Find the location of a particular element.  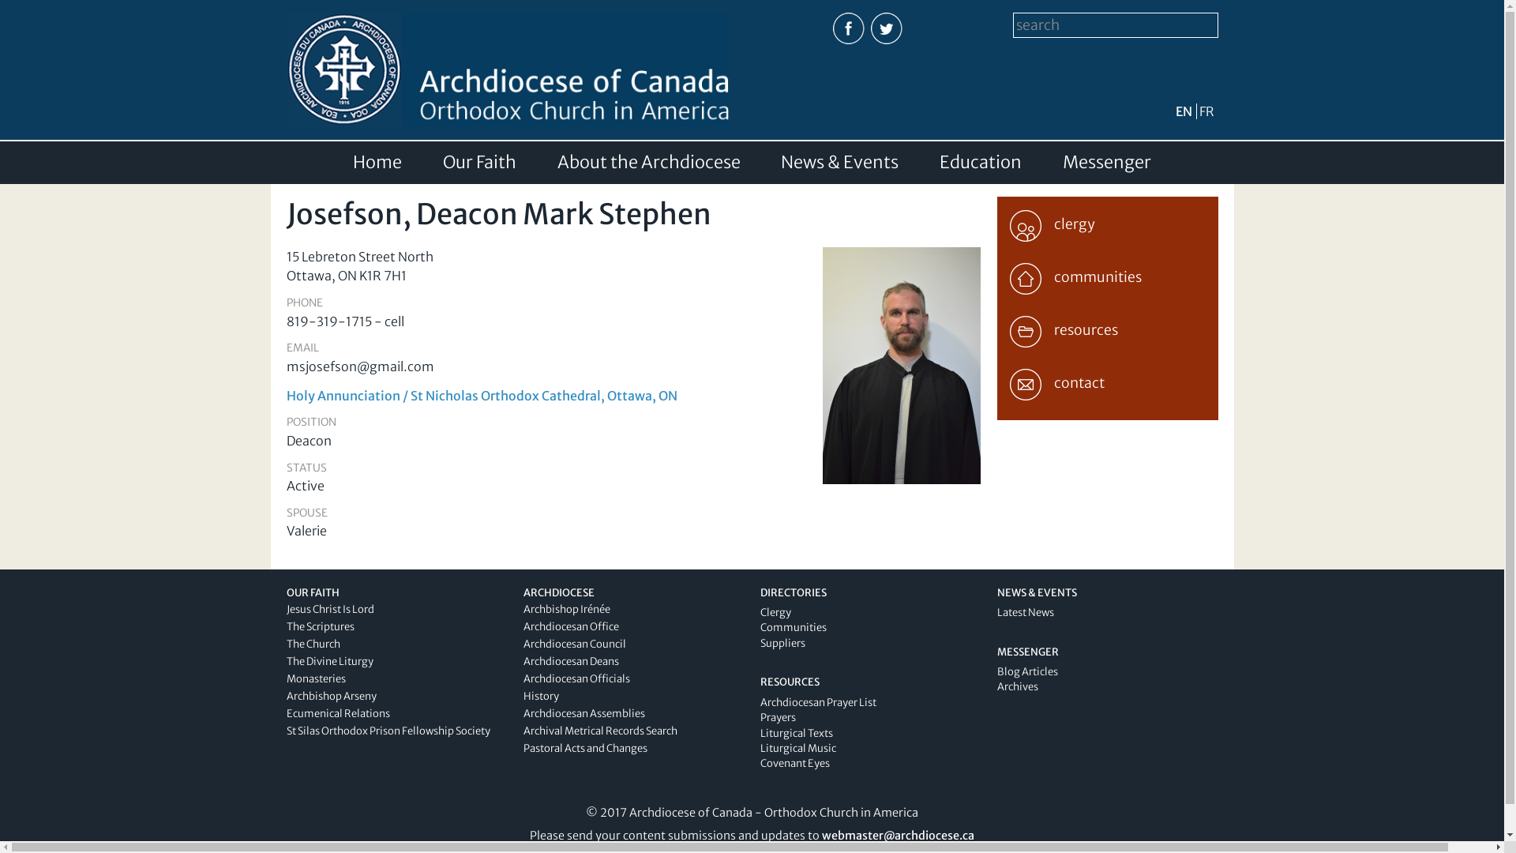

'FR' is located at coordinates (1205, 111).